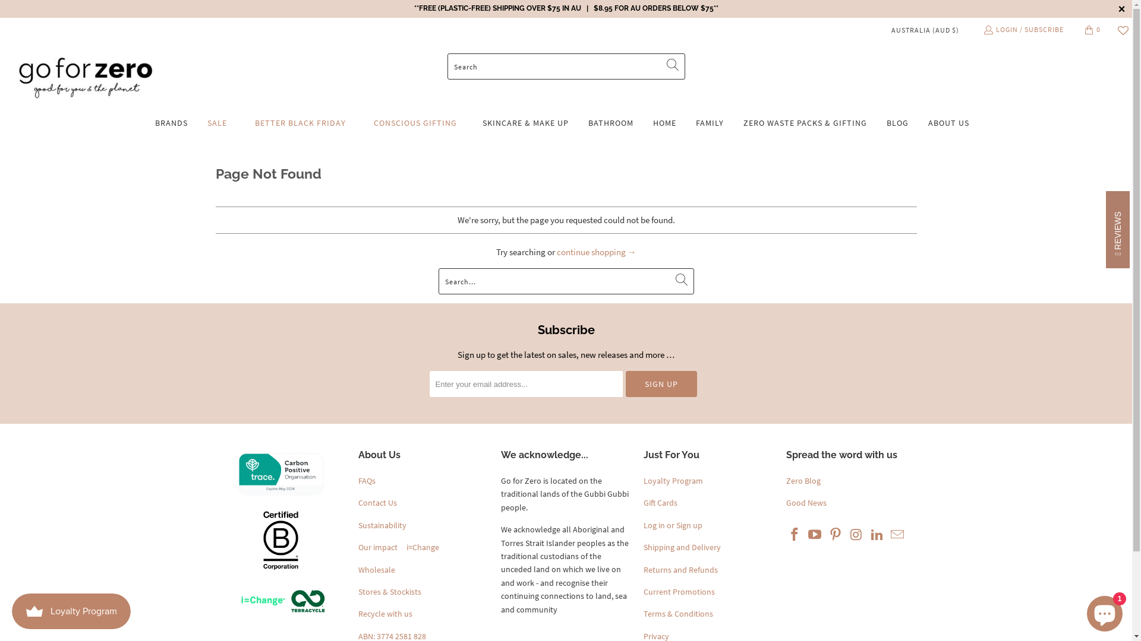  Describe the element at coordinates (357, 503) in the screenshot. I see `'Contact Us'` at that location.